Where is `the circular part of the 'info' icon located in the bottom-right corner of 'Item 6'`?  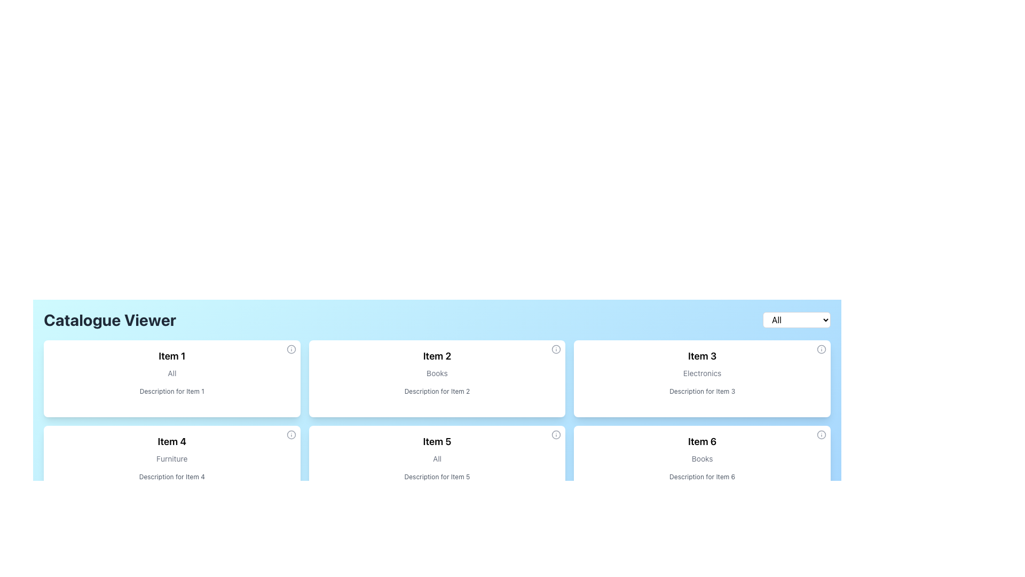
the circular part of the 'info' icon located in the bottom-right corner of 'Item 6' is located at coordinates (821, 434).